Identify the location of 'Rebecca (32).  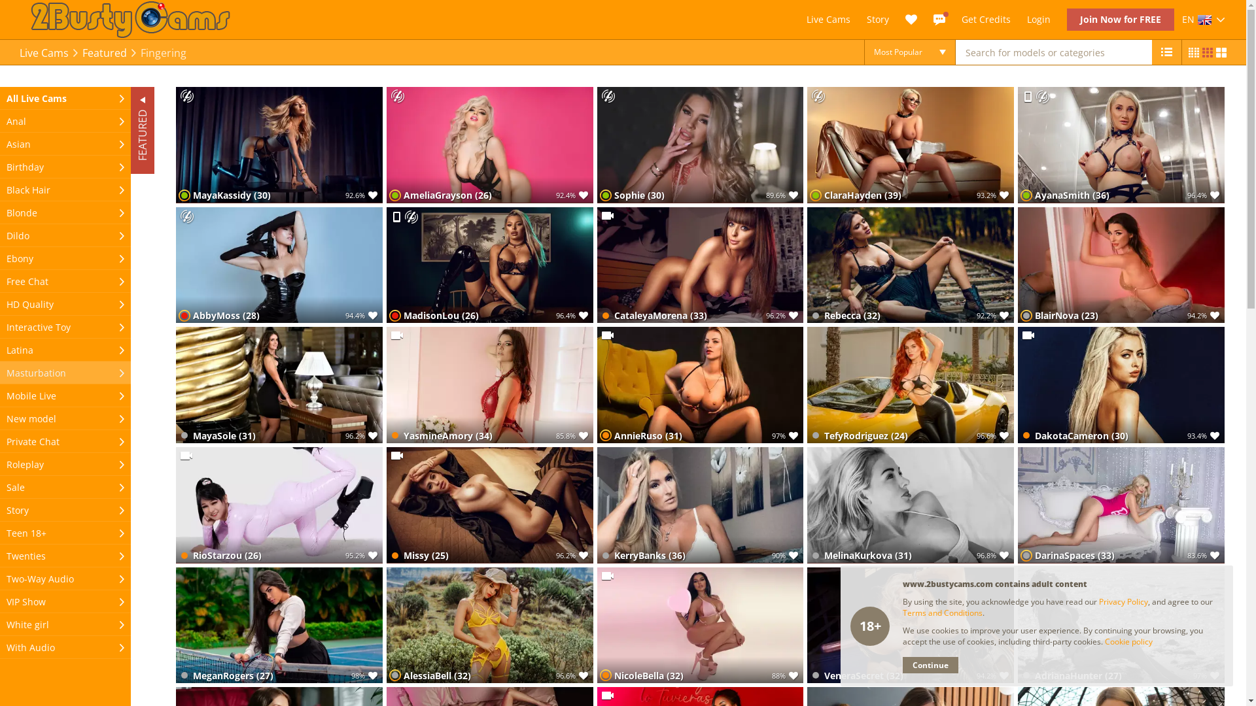
(910, 265).